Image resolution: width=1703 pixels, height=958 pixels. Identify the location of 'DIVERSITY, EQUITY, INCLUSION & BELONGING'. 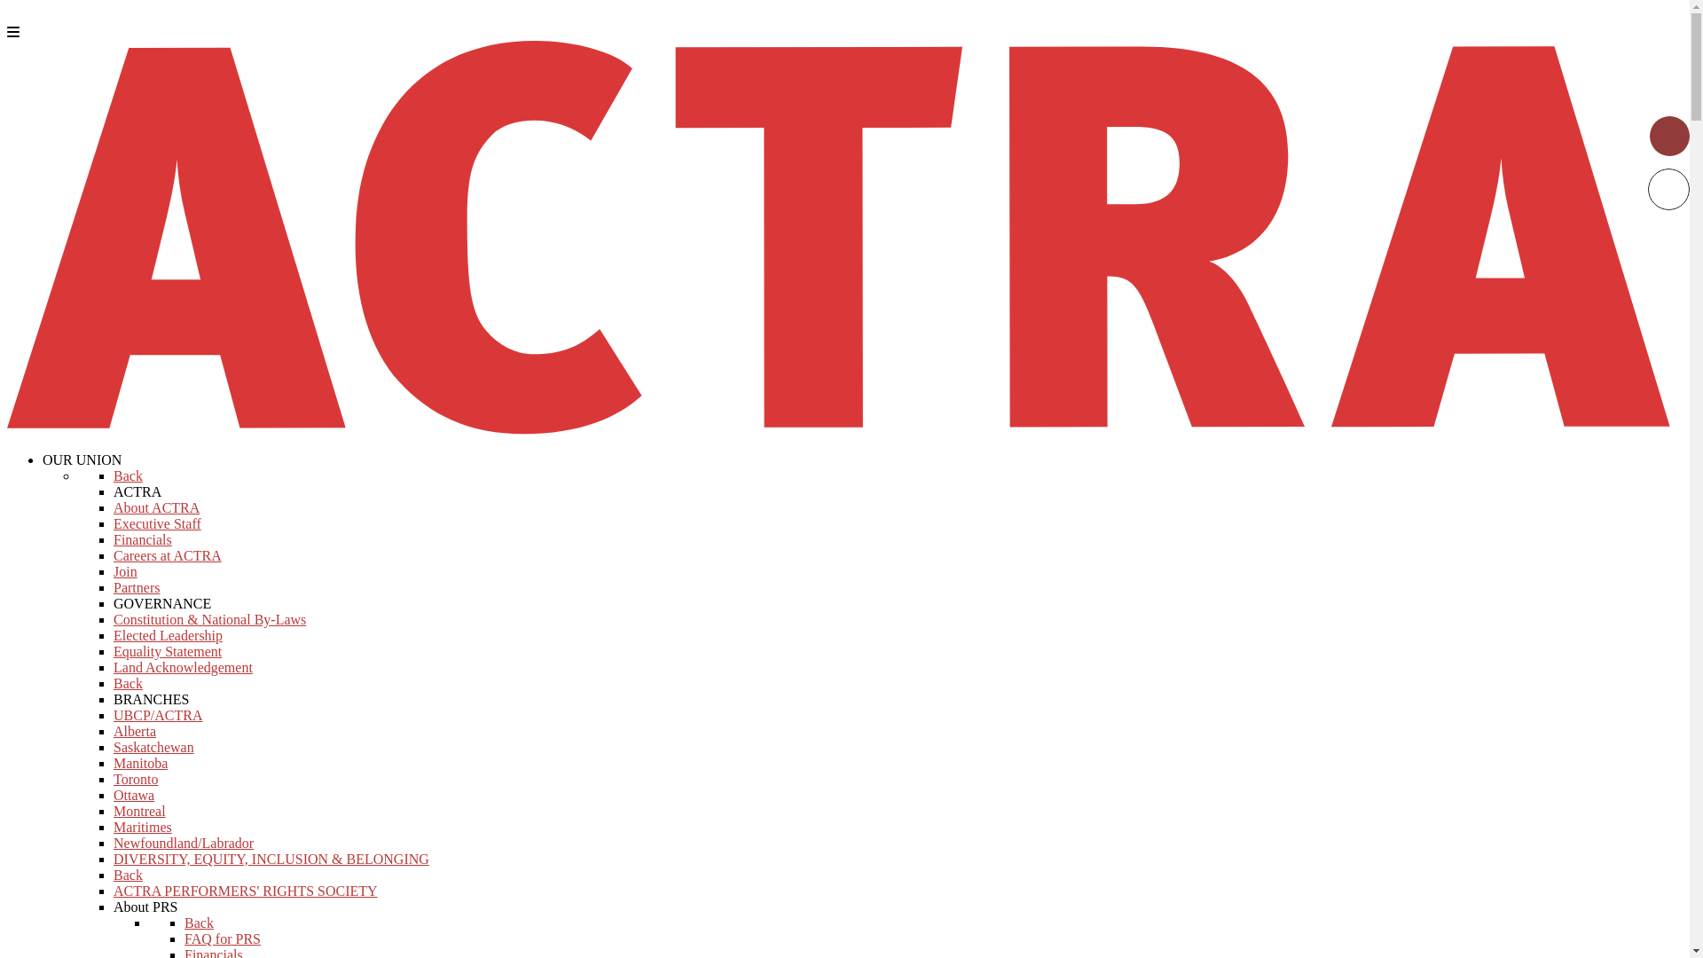
(271, 858).